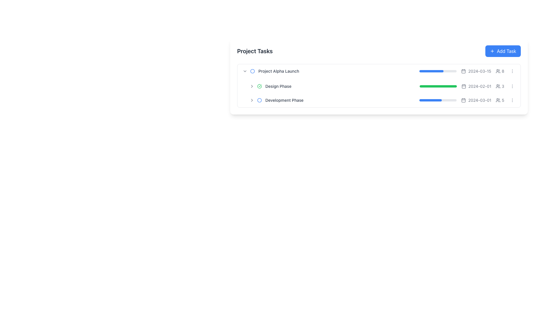 The width and height of the screenshot is (558, 314). I want to click on the data represented by the icon indicating a pair of users with the count '3', located to the right of the date component '2024-02-01' in the task list table, so click(500, 86).